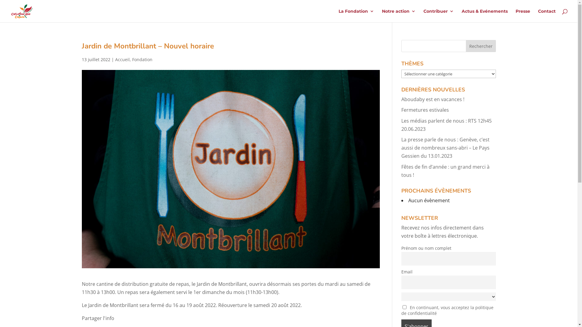 Image resolution: width=582 pixels, height=327 pixels. What do you see at coordinates (438, 15) in the screenshot?
I see `'Contribuer'` at bounding box center [438, 15].